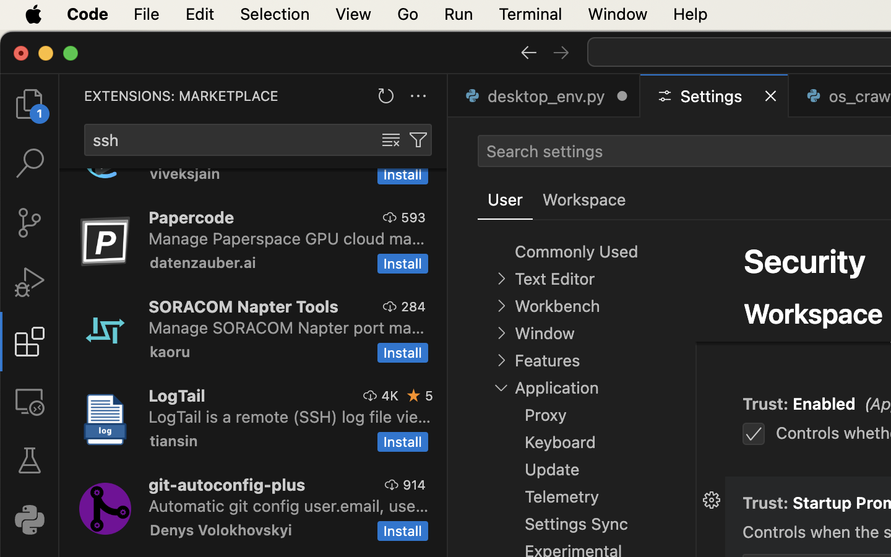 Image resolution: width=891 pixels, height=557 pixels. Describe the element at coordinates (184, 174) in the screenshot. I see `'viveksjain'` at that location.